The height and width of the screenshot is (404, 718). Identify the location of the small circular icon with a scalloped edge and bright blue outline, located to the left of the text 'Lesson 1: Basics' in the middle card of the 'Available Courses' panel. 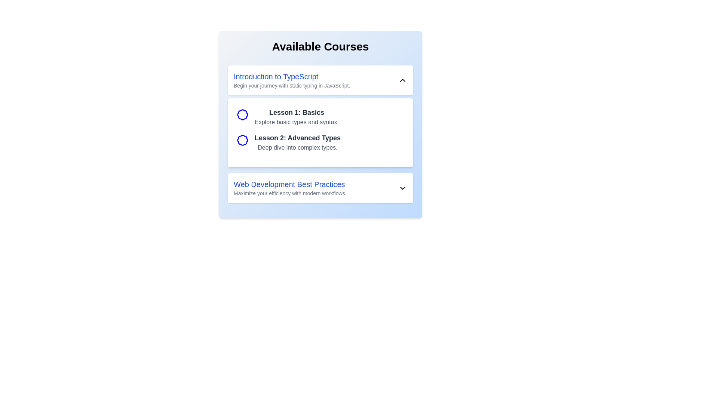
(242, 115).